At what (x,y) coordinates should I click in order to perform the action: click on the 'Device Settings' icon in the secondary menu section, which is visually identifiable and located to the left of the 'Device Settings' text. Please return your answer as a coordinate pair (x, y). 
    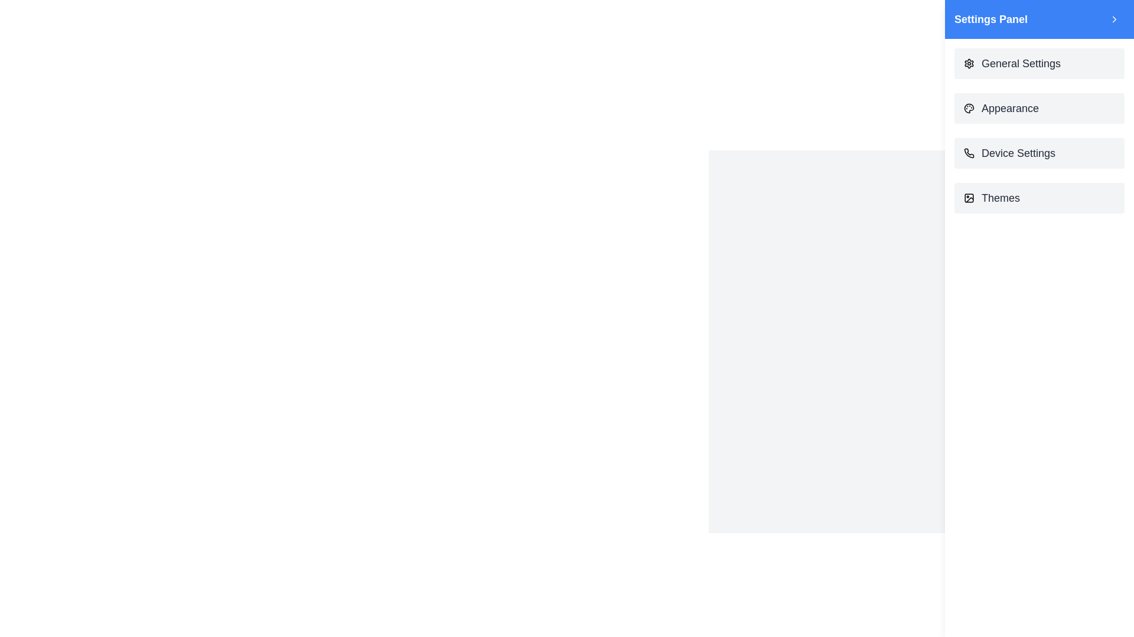
    Looking at the image, I should click on (969, 152).